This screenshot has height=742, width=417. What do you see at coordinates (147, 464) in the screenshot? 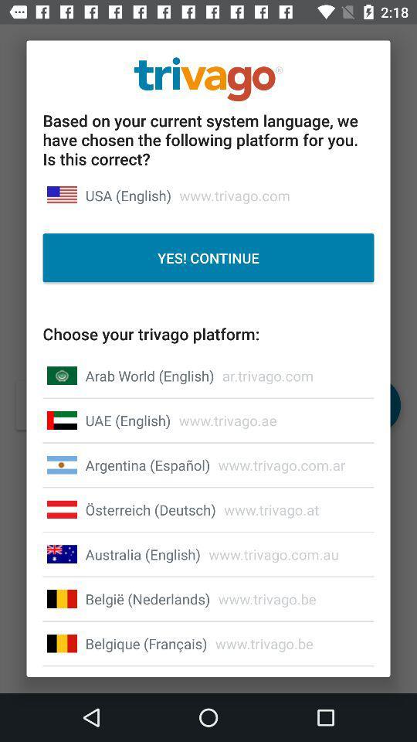
I see `the icon below uae (english)` at bounding box center [147, 464].